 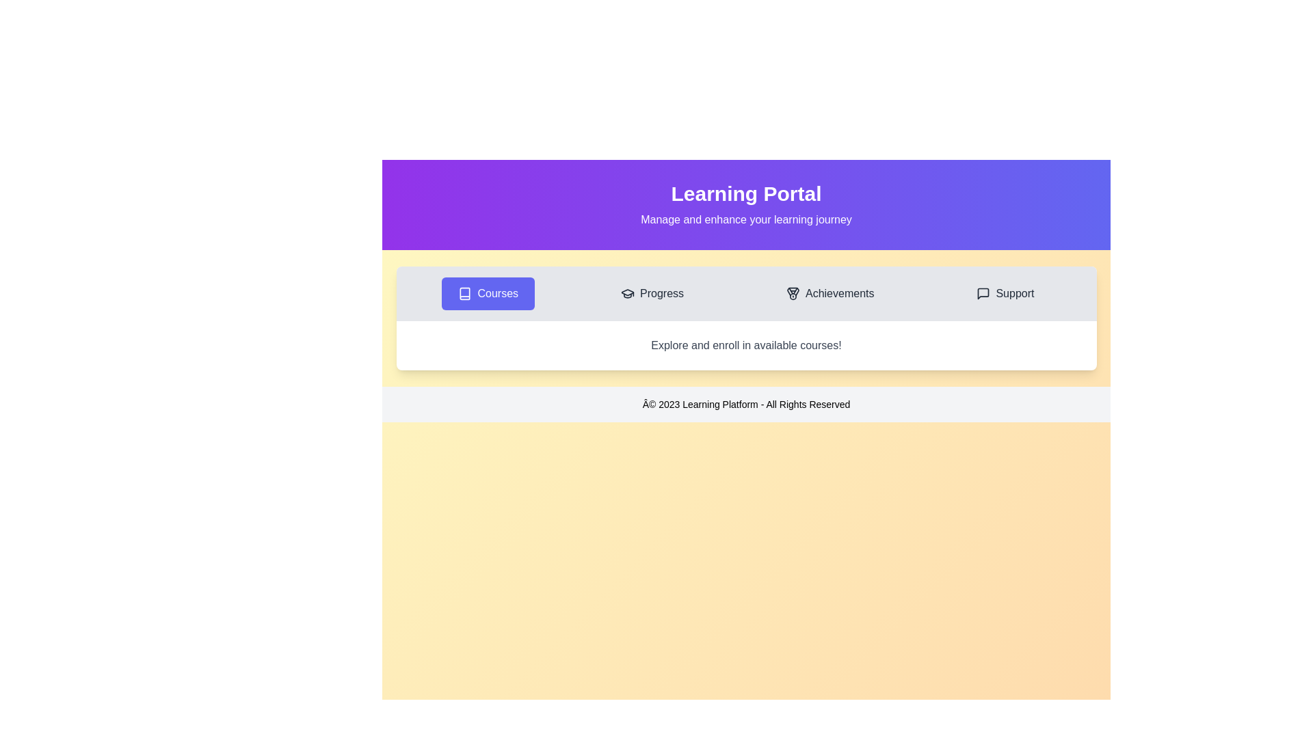 I want to click on the 'Courses' text label, which is displayed in white font on a blue rectangular background, located next to a book icon within the first interactive button of the horizontal menu bar, so click(x=497, y=292).